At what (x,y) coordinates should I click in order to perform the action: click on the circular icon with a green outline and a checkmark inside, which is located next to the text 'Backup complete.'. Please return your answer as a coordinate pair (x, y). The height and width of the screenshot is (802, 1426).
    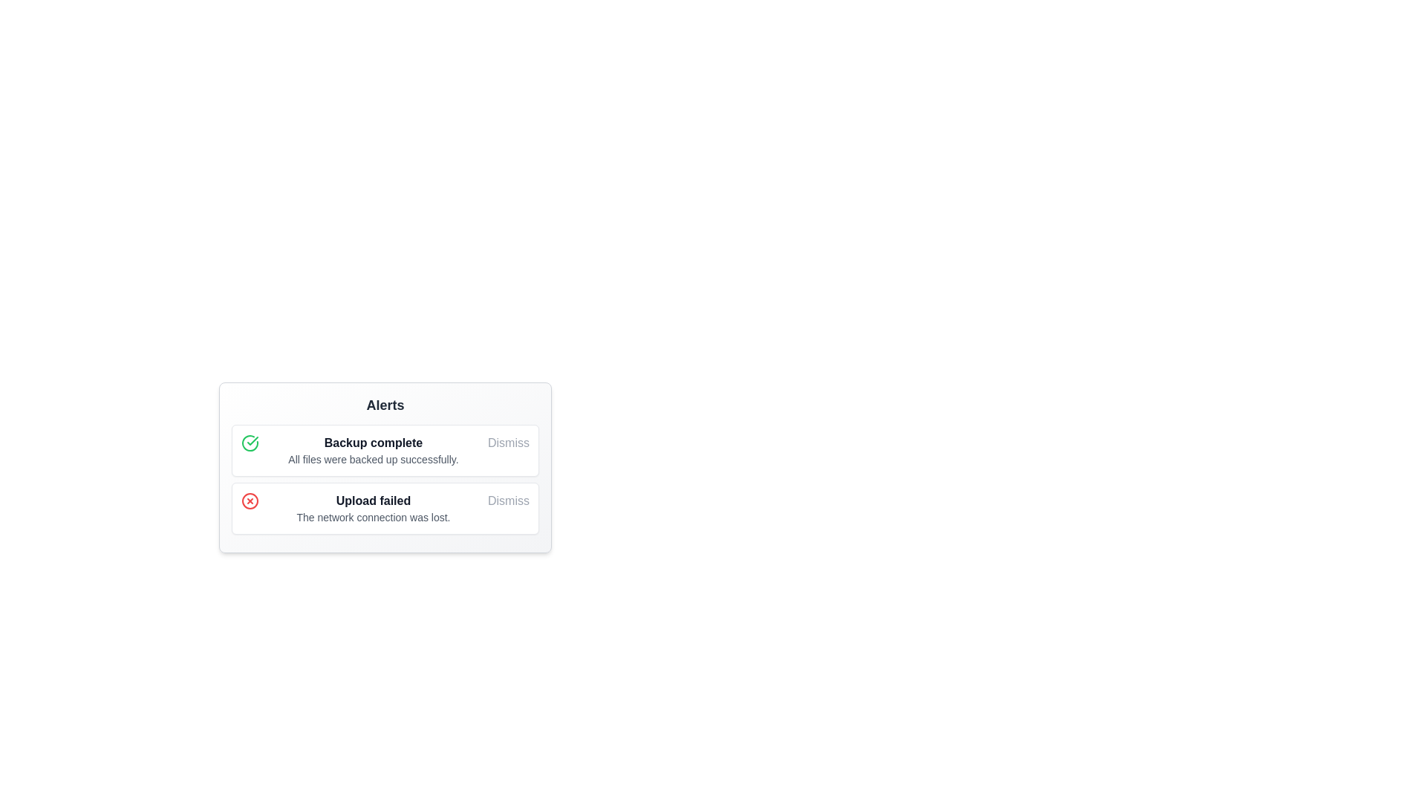
    Looking at the image, I should click on (254, 443).